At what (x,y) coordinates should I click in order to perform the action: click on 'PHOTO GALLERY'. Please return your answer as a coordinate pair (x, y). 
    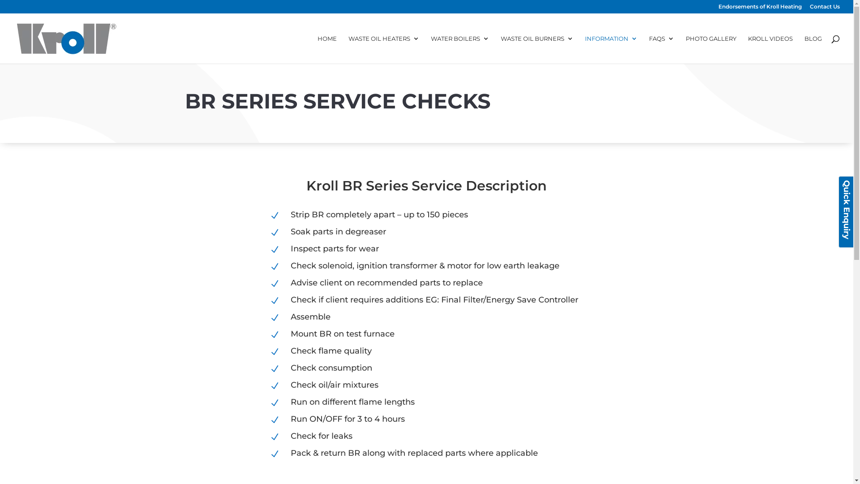
    Looking at the image, I should click on (710, 49).